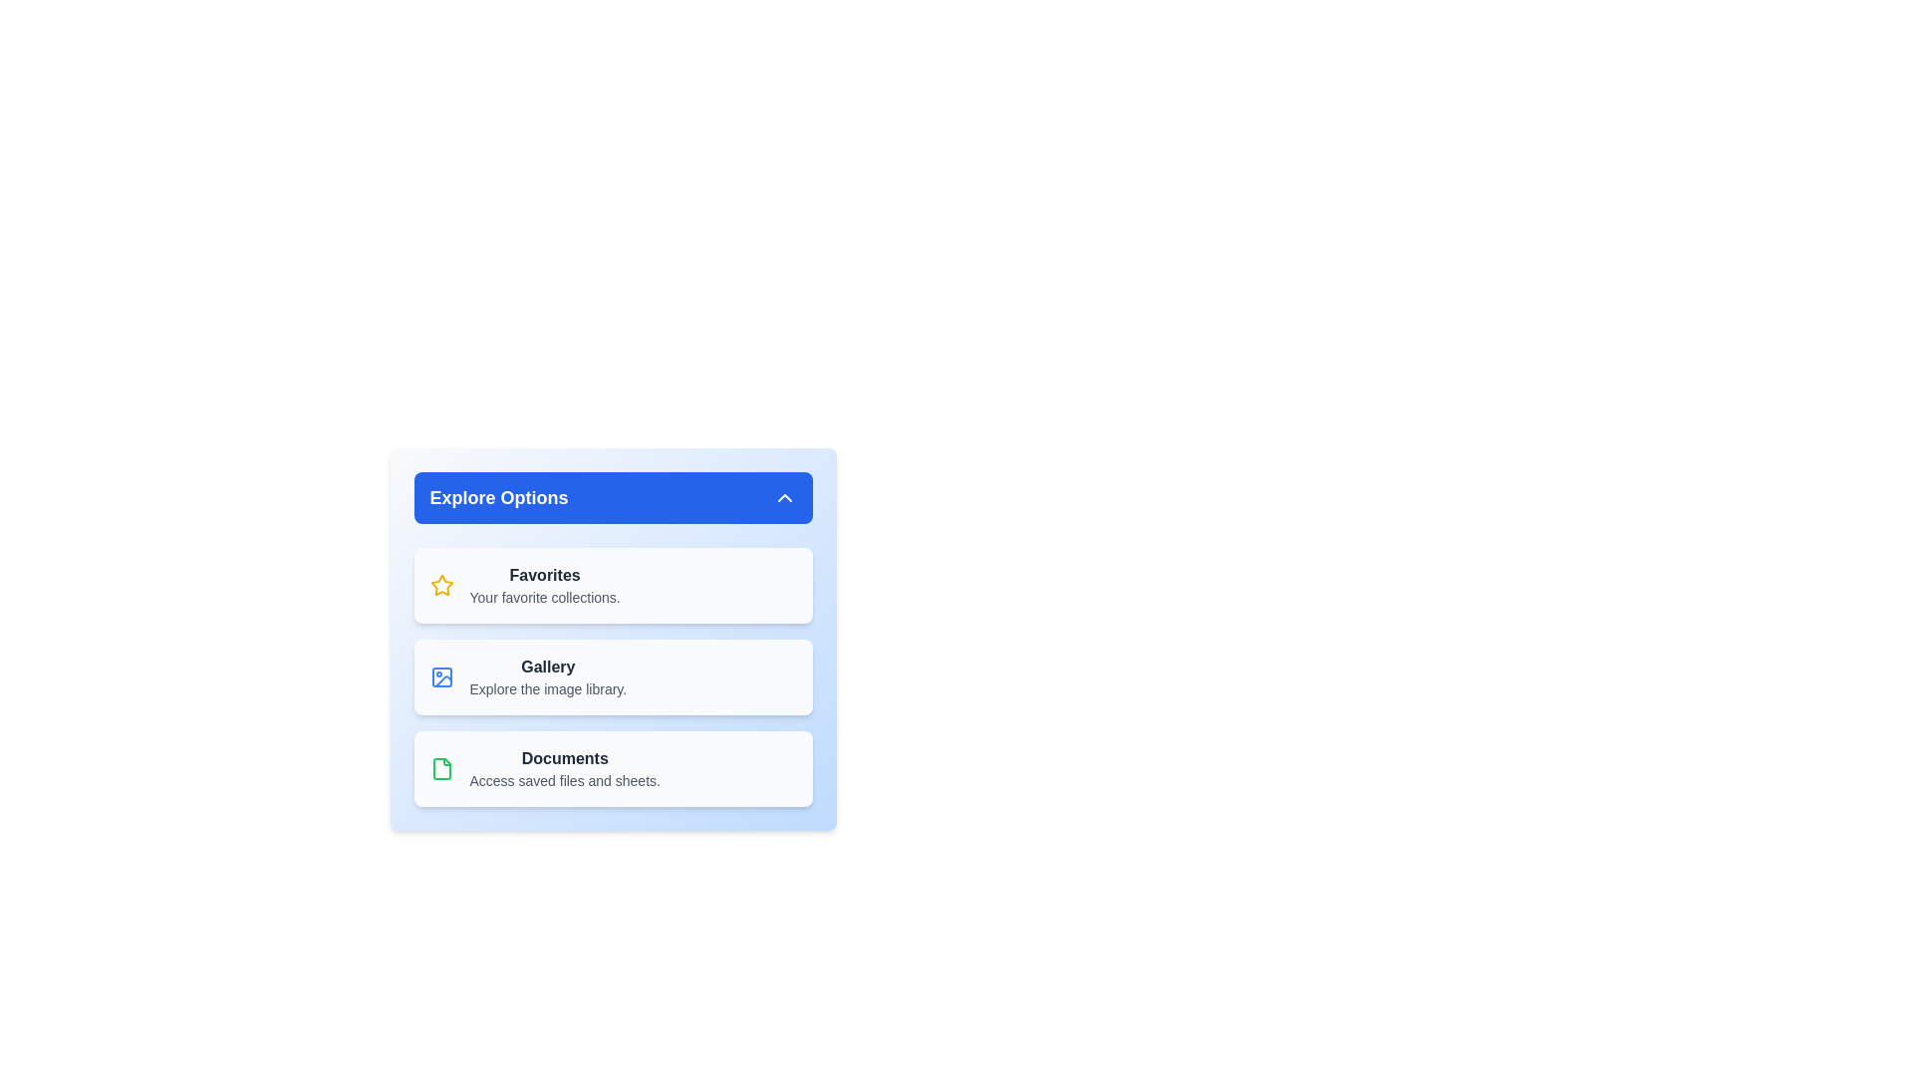  What do you see at coordinates (440, 584) in the screenshot?
I see `the star icon located to the left of the 'Favorites' text label within the menu list under the 'Explore Options' header` at bounding box center [440, 584].